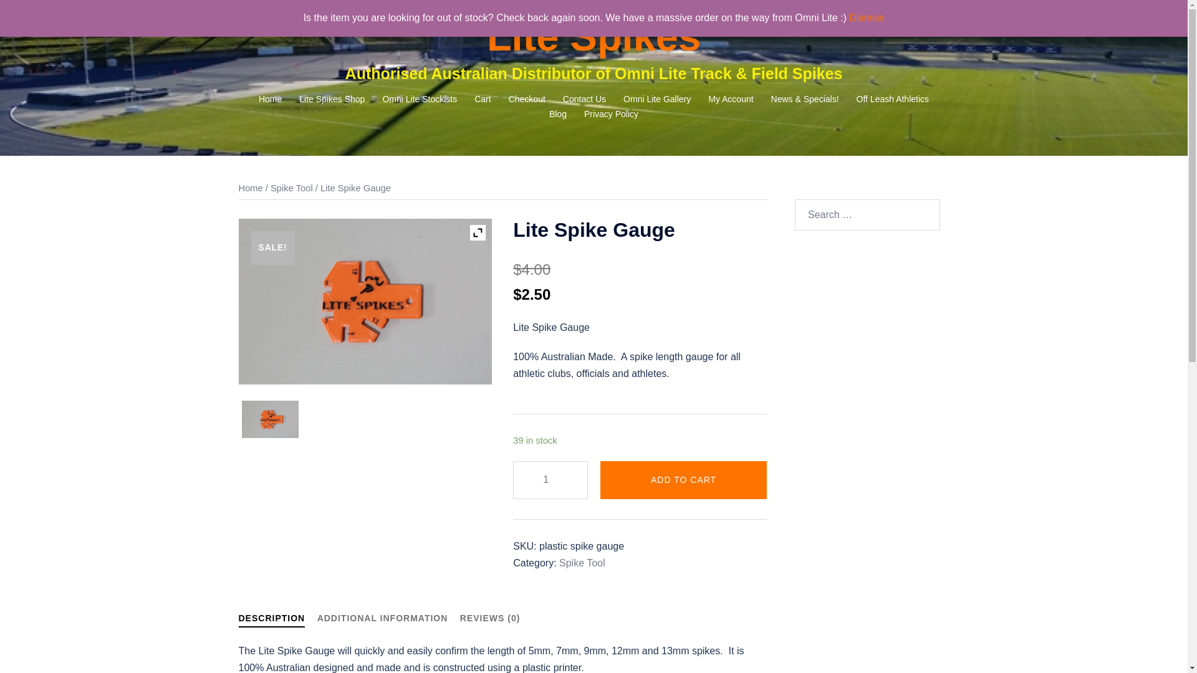  Describe the element at coordinates (730, 98) in the screenshot. I see `'My Account'` at that location.